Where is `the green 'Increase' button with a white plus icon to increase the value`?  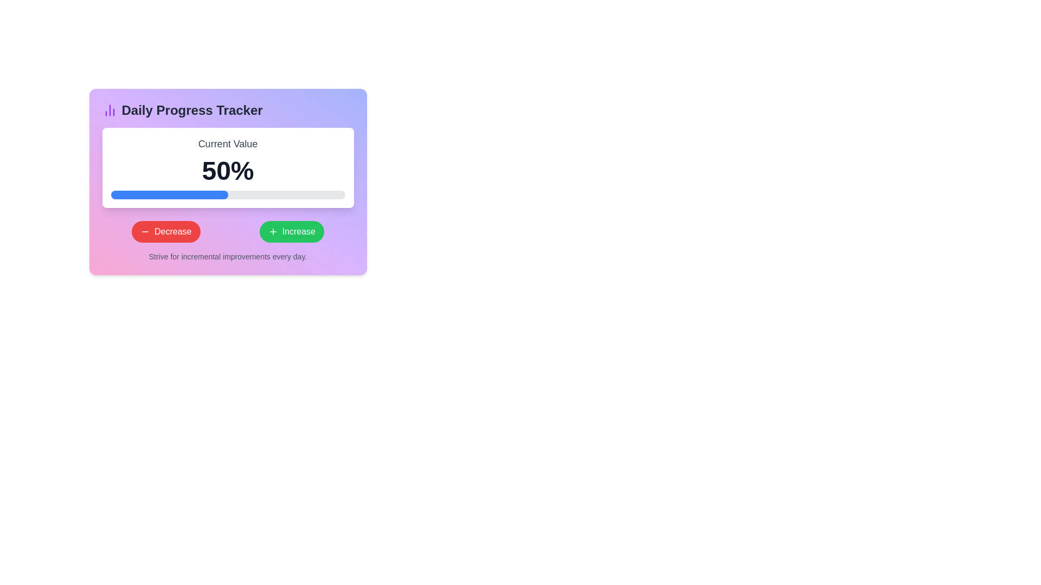
the green 'Increase' button with a white plus icon to increase the value is located at coordinates (292, 231).